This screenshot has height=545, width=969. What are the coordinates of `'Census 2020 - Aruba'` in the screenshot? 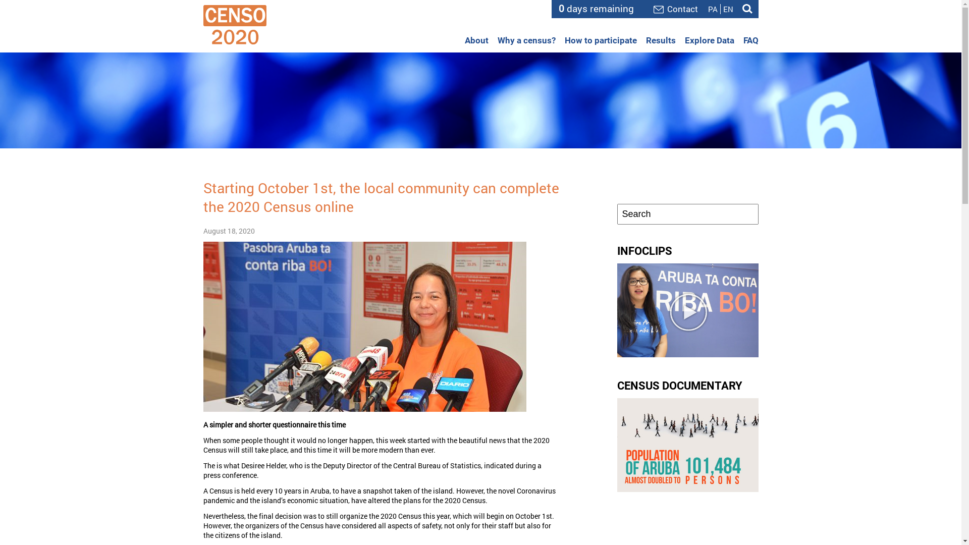 It's located at (234, 24).